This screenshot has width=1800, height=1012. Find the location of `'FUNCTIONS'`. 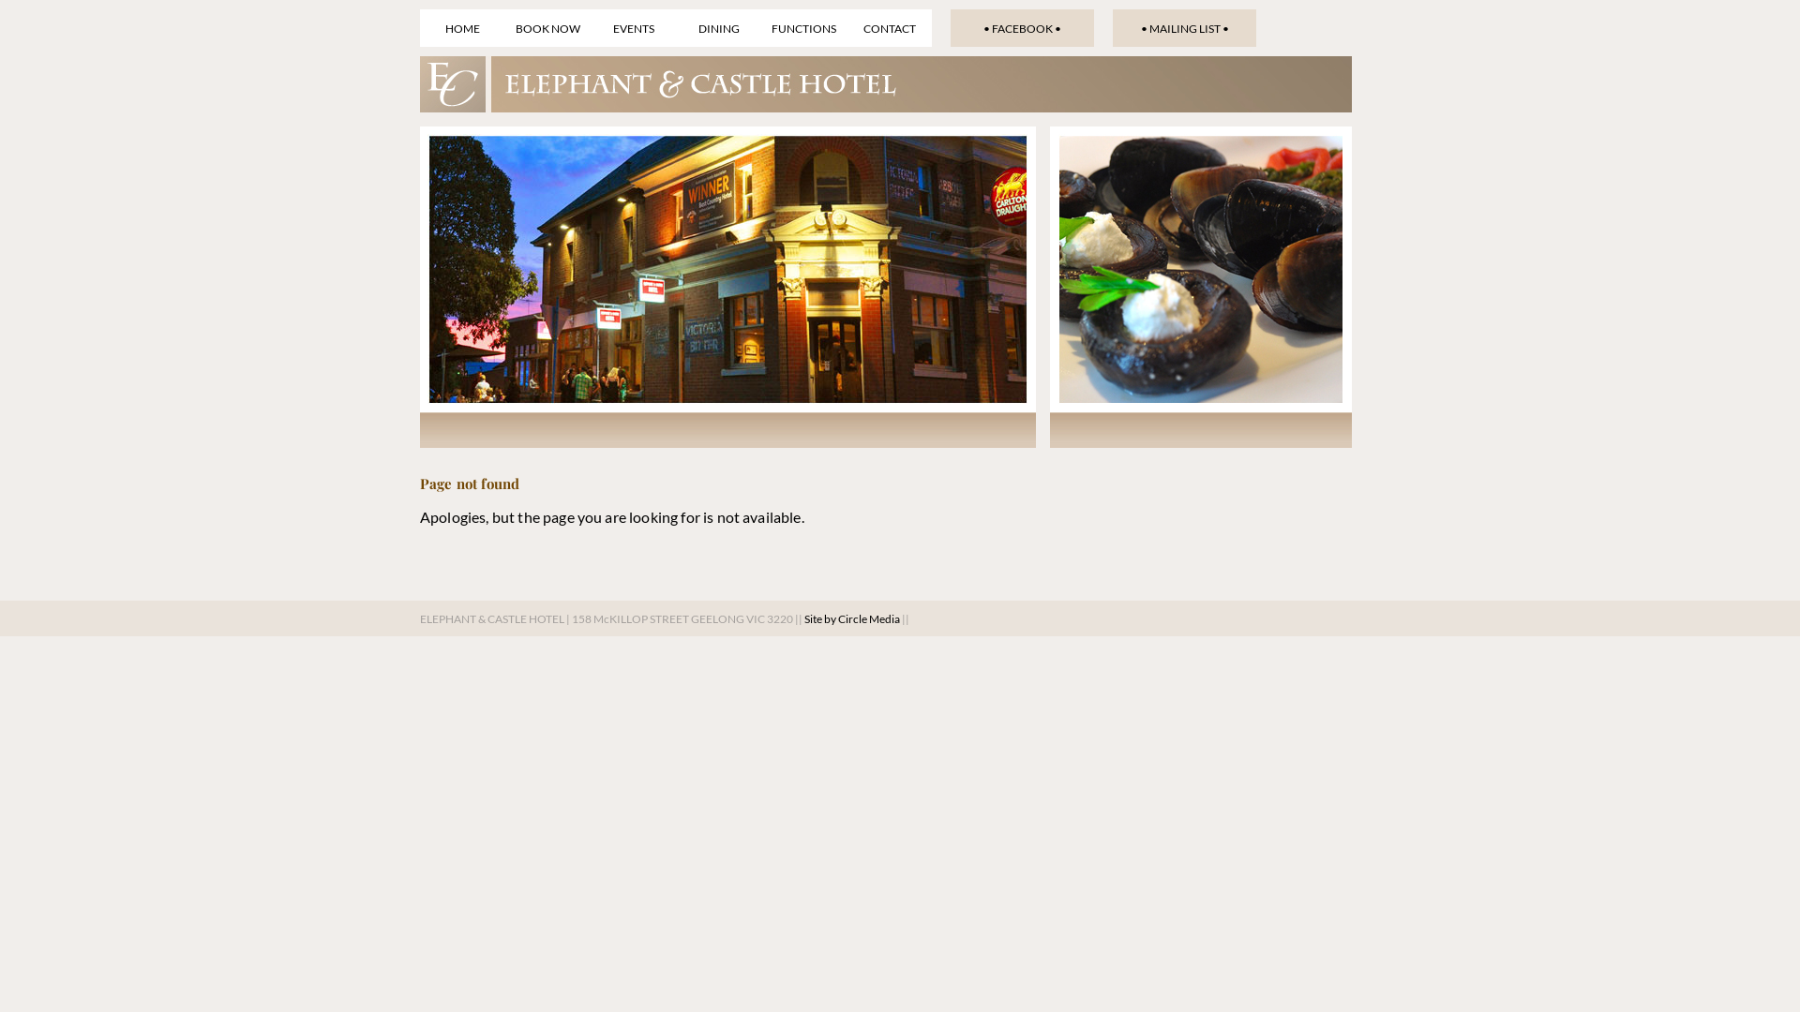

'FUNCTIONS' is located at coordinates (803, 28).